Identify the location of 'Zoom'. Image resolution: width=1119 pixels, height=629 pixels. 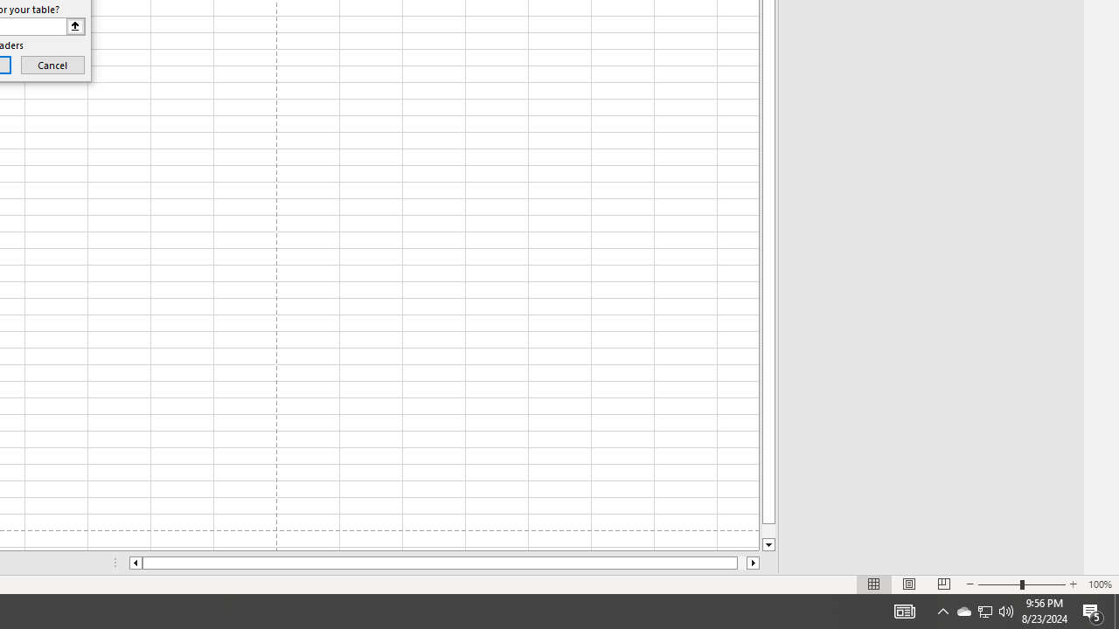
(1021, 584).